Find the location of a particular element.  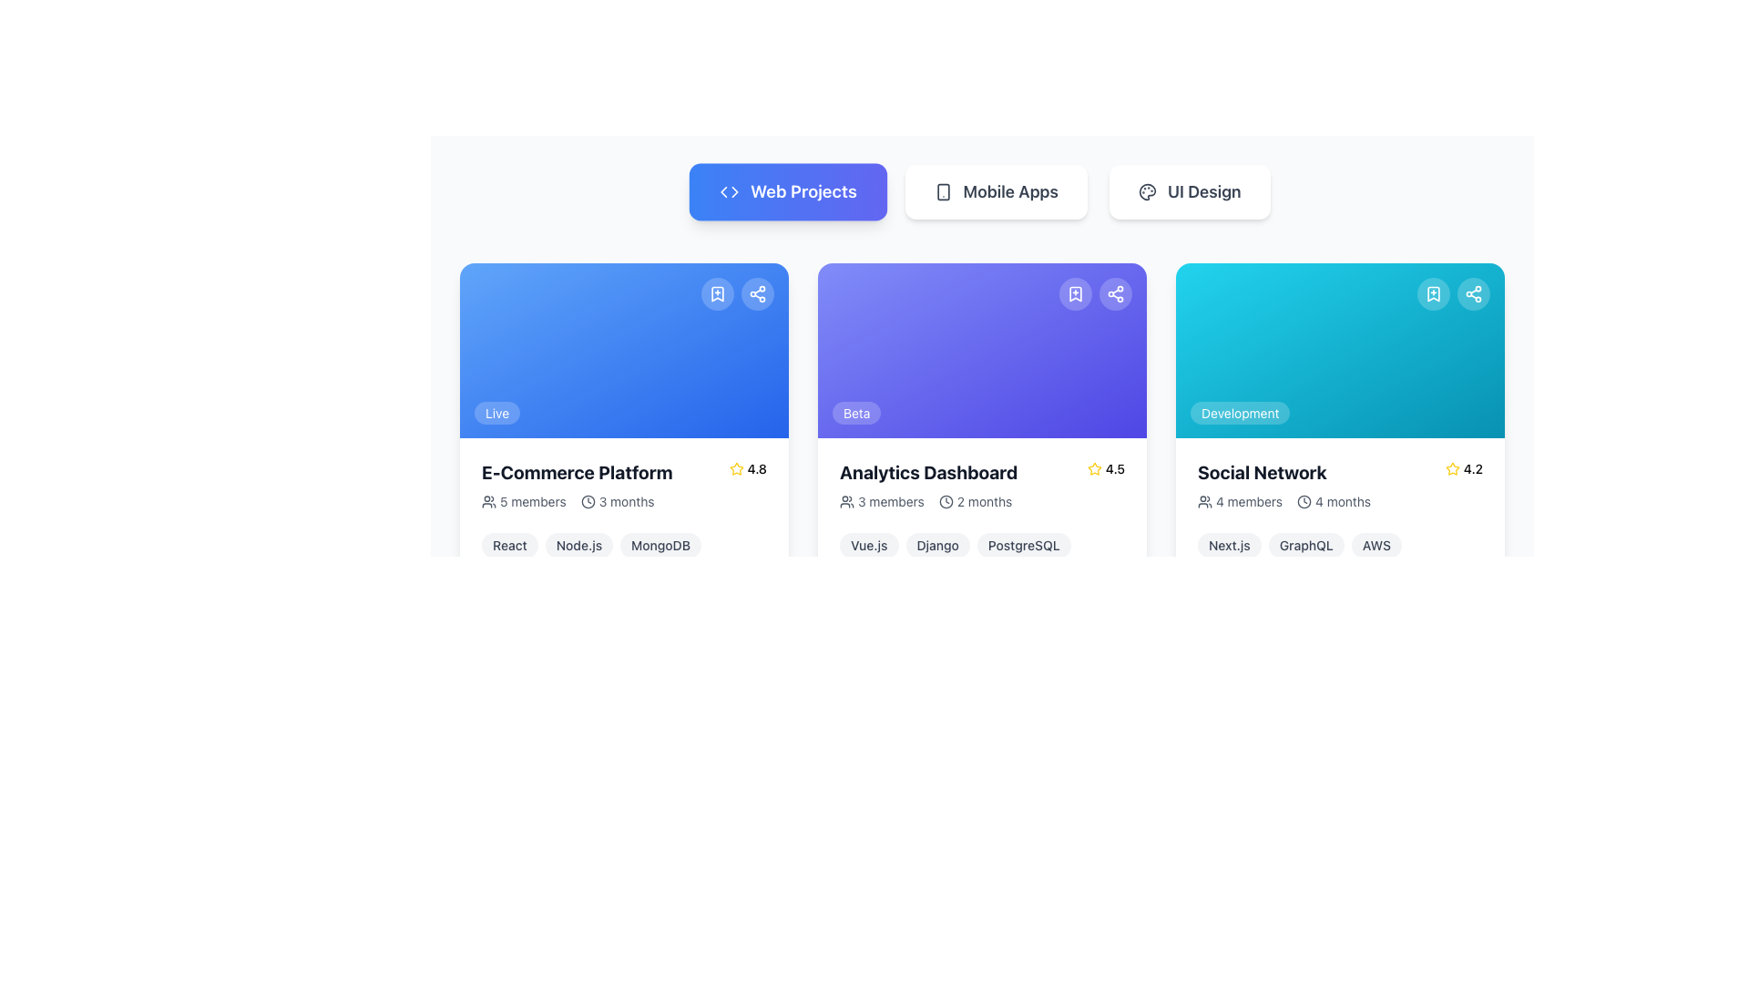

the icon representing a group of users, which is styled with two overlapping human figures and located below the title 'Analytics Dashboard' in the content grid is located at coordinates (846, 502).